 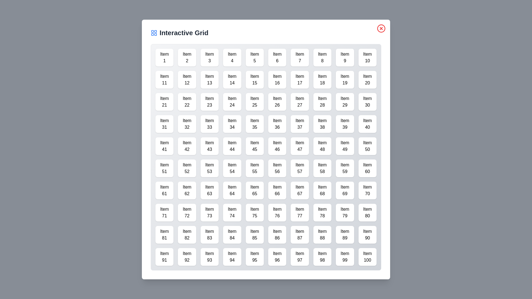 What do you see at coordinates (381, 29) in the screenshot?
I see `the close button in the top-right corner of the dialog` at bounding box center [381, 29].